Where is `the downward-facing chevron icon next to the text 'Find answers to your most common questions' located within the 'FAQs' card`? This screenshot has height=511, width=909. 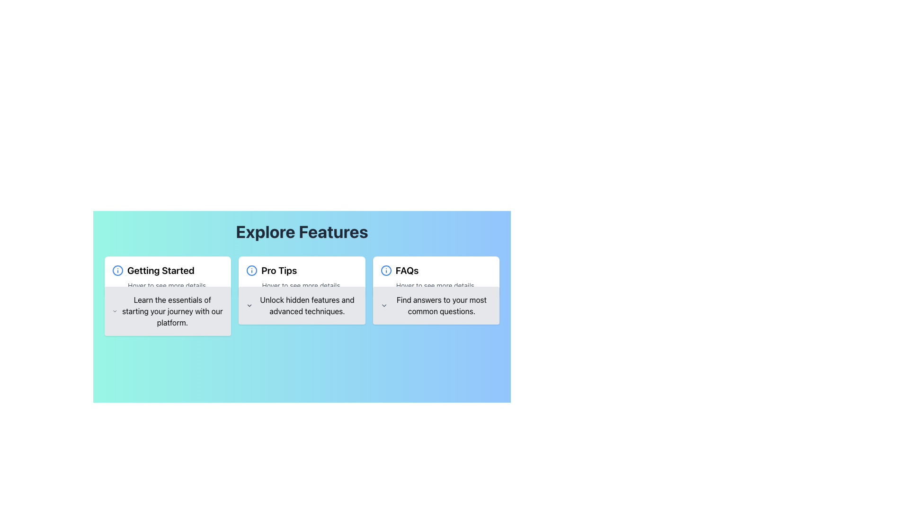 the downward-facing chevron icon next to the text 'Find answers to your most common questions' located within the 'FAQs' card is located at coordinates (384, 305).